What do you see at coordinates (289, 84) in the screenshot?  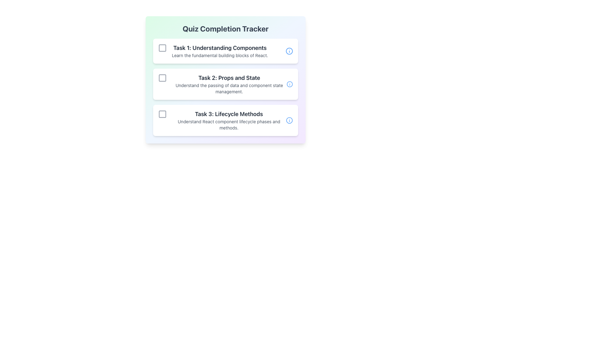 I see `the decorative circular SVG element within the icon for 'Task 2: Props and State'` at bounding box center [289, 84].